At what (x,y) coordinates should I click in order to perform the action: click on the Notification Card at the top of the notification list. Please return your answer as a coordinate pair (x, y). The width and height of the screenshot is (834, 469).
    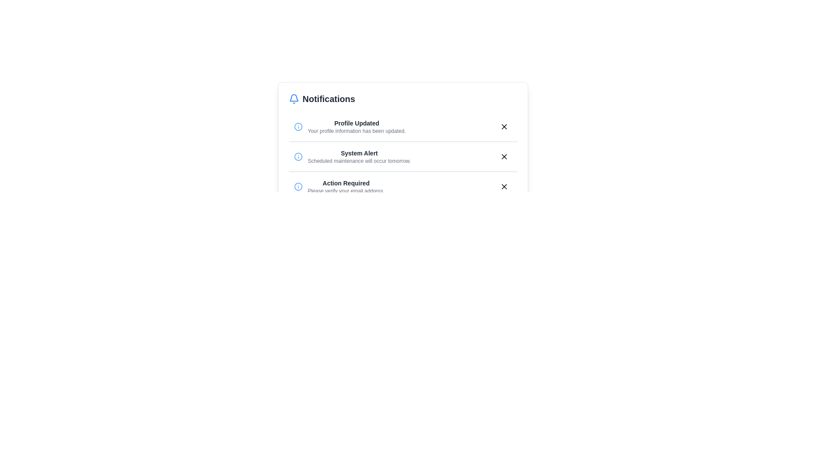
    Looking at the image, I should click on (402, 127).